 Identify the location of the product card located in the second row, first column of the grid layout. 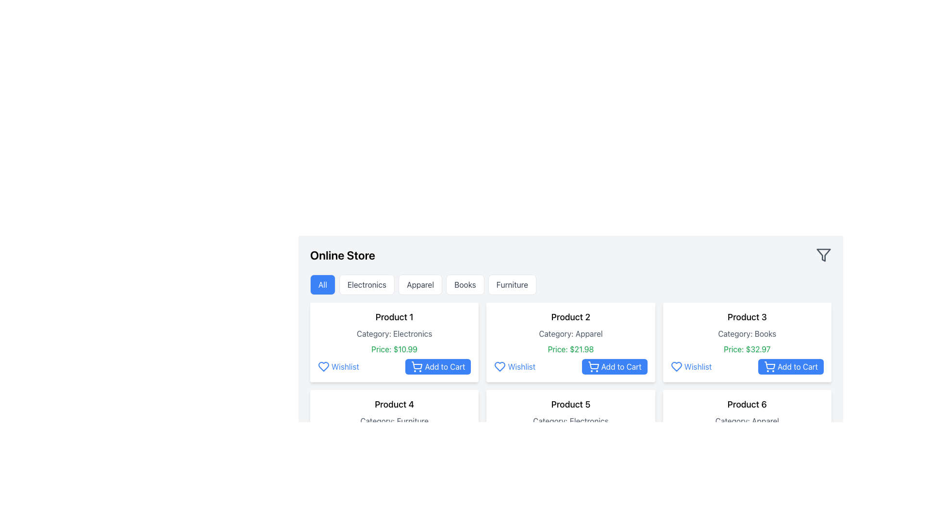
(394, 429).